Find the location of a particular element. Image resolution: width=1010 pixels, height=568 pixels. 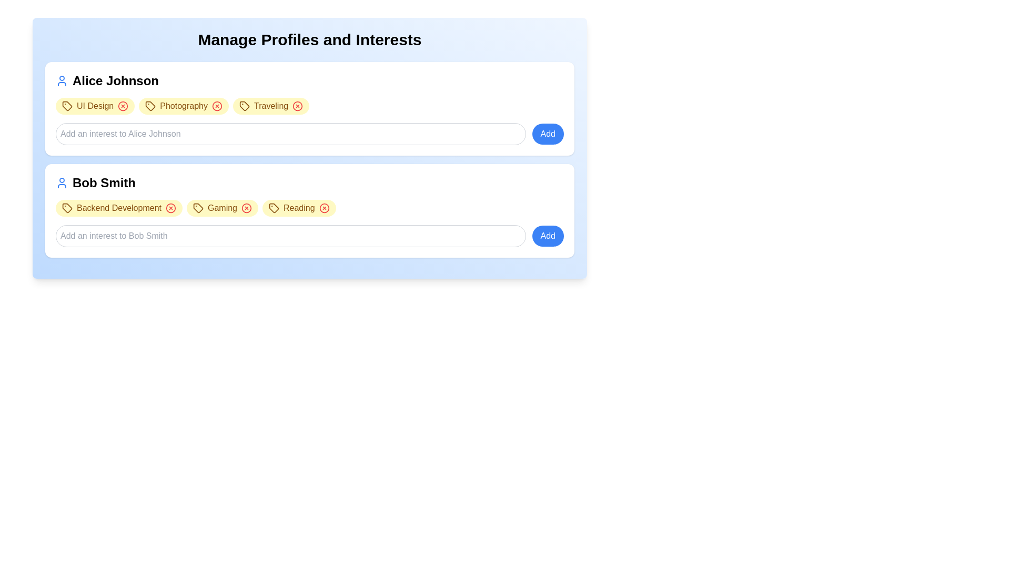

the circular red 'X' button located on the right side of the 'UI Design' chip tag is located at coordinates (123, 106).